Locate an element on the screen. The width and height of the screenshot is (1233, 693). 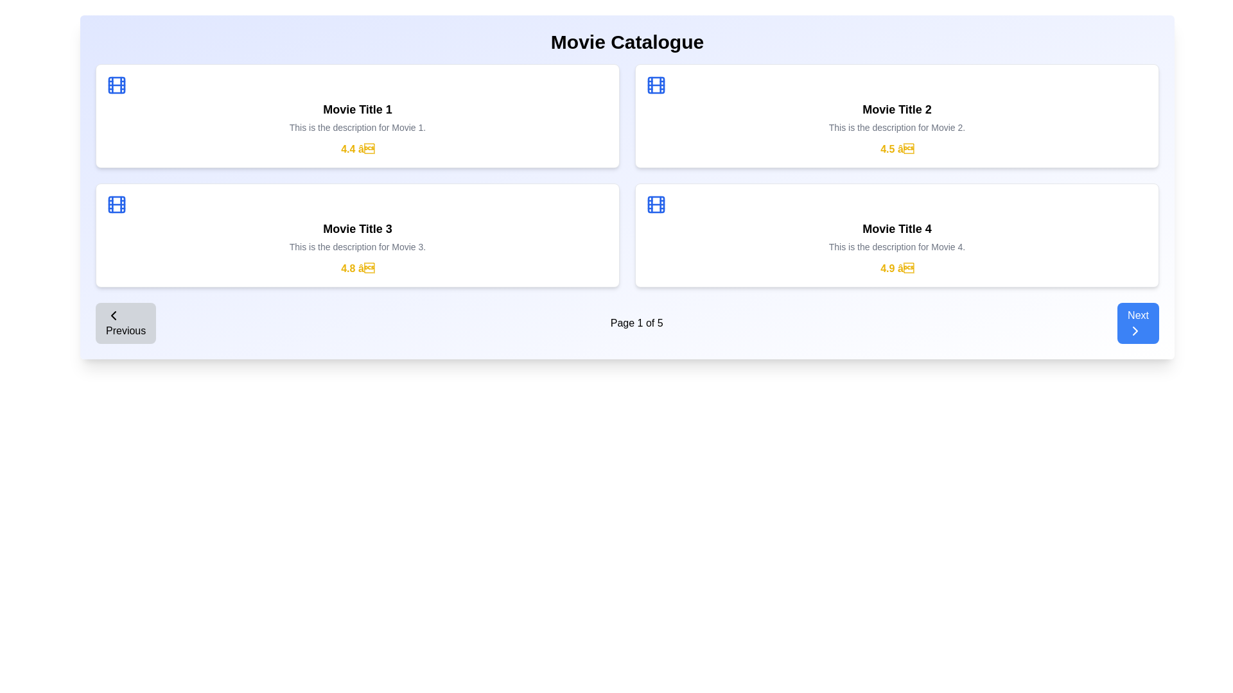
the small rectangular component with rounded corners and a blue outline located in the top-right corner of the film reel icon for 'Movie Title 2' is located at coordinates (656, 85).